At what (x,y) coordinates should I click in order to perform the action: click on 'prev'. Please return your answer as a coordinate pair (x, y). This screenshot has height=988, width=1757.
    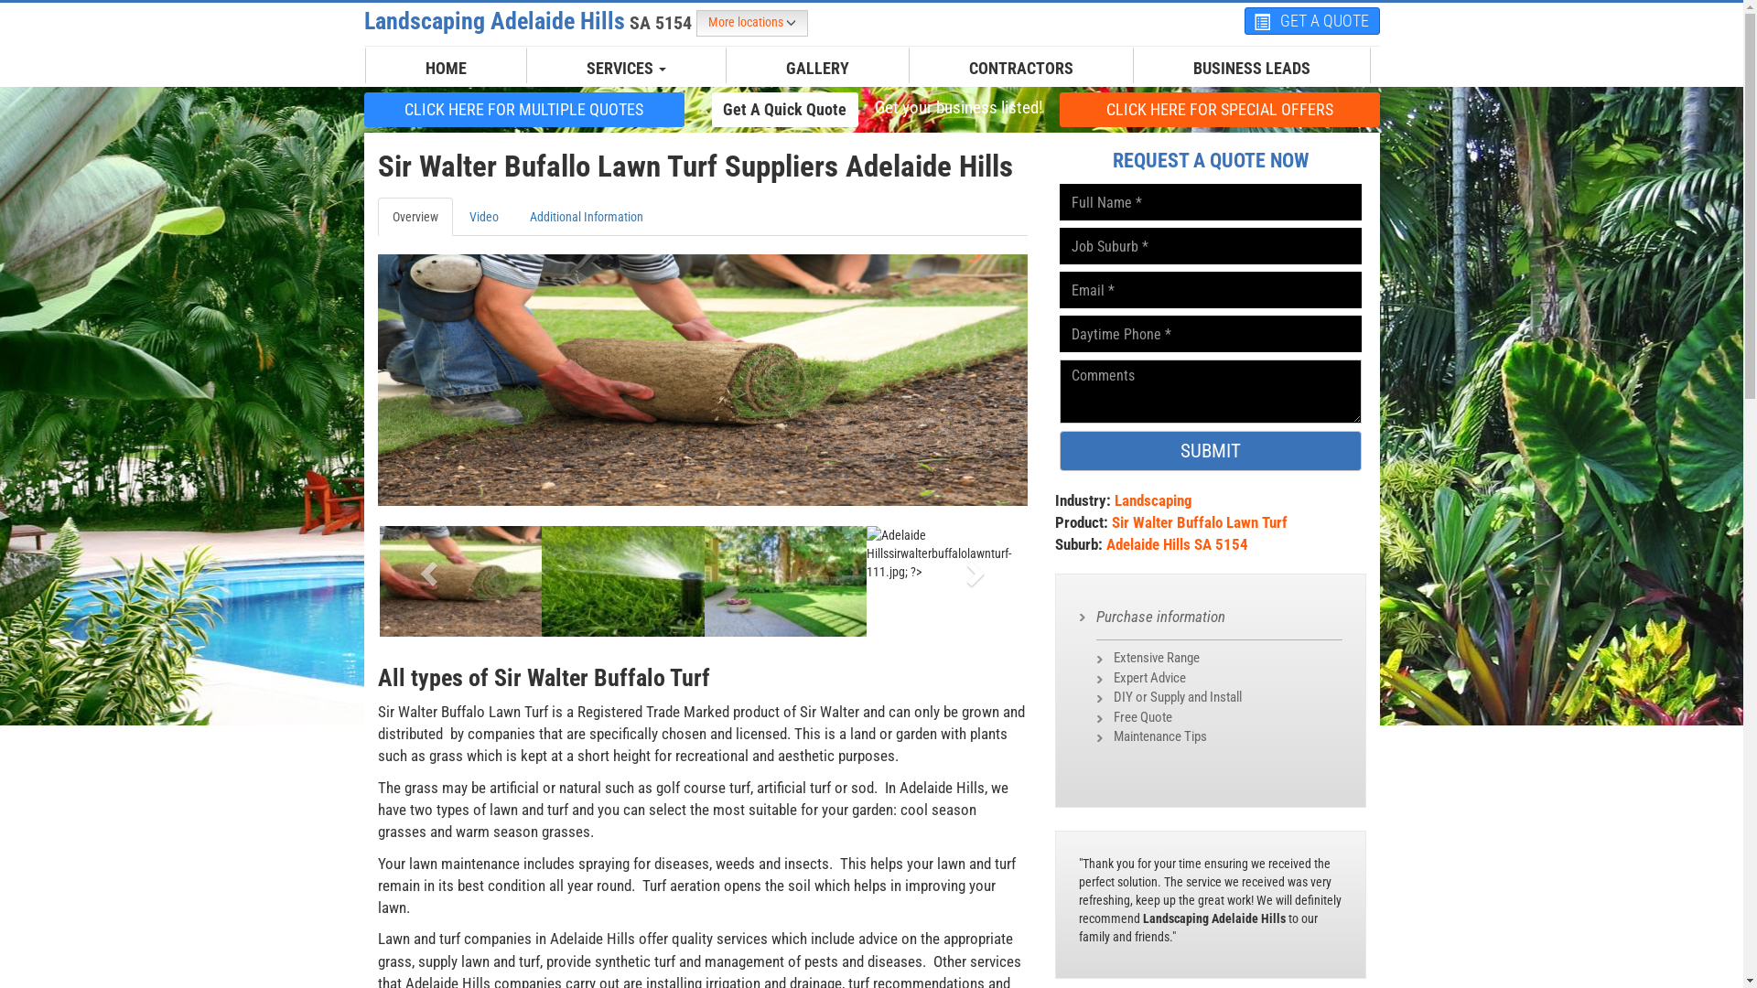
    Looking at the image, I should click on (425, 566).